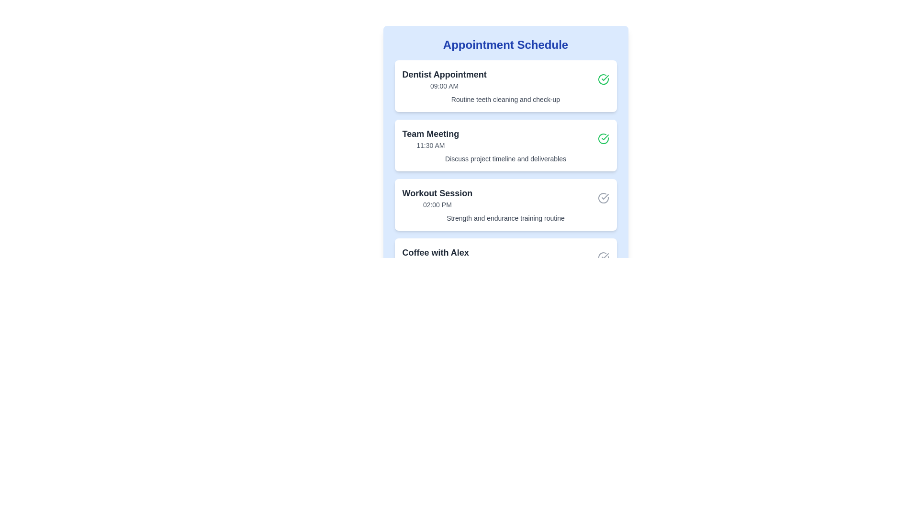  What do you see at coordinates (603, 257) in the screenshot?
I see `the partial circle icon located at the bottom right of the 'Coffee with Alex' entry in the schedule list` at bounding box center [603, 257].